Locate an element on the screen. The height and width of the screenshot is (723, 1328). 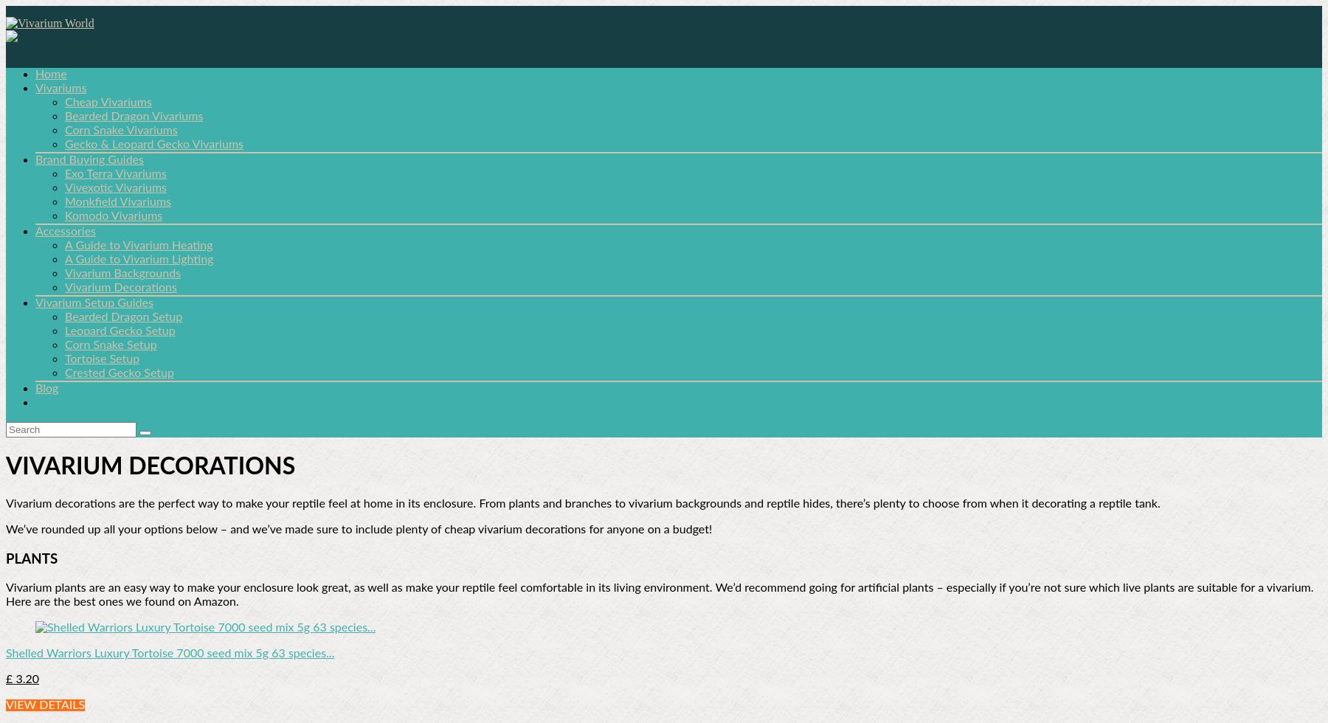
'Crested Gecko Setup' is located at coordinates (119, 372).